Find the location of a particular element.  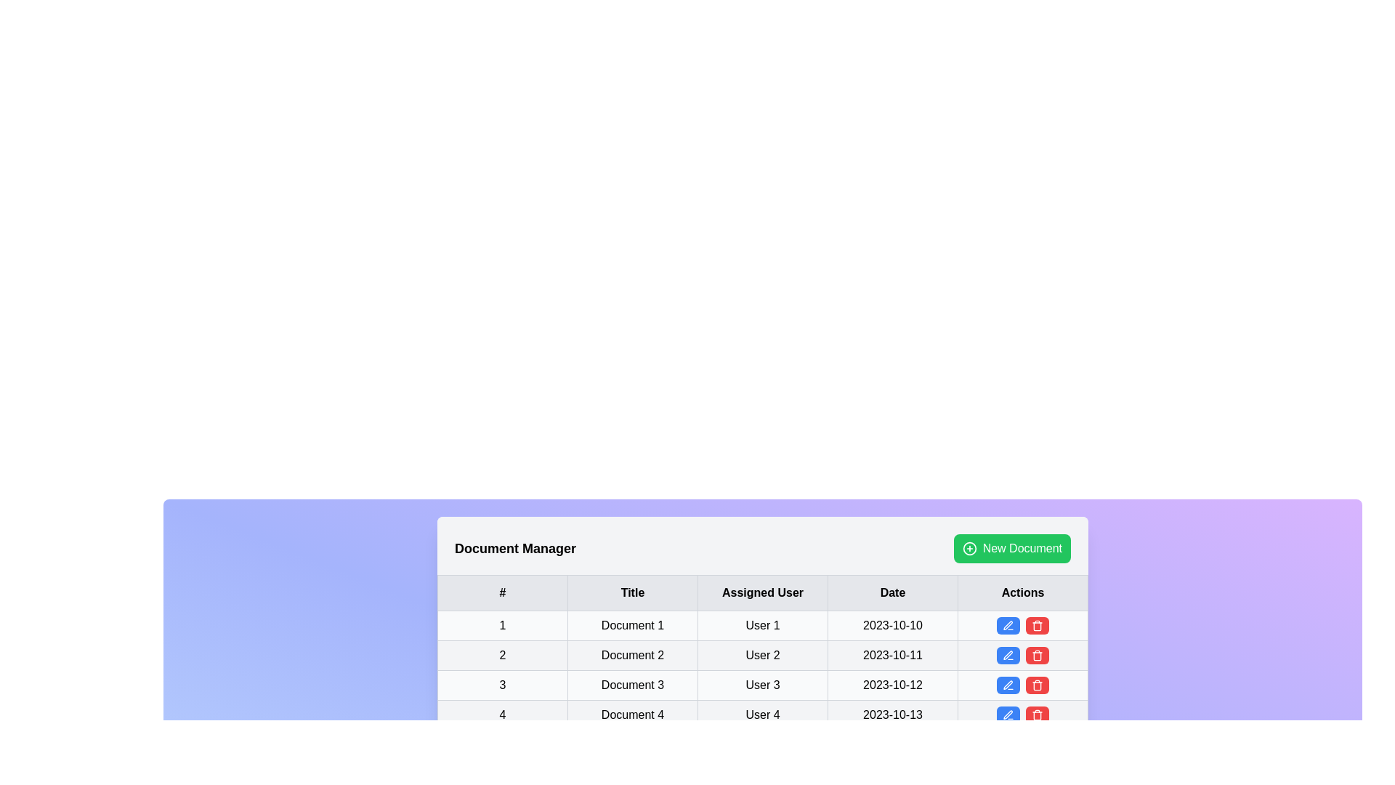

the 'Assigned User' header cell in the table to sort the column is located at coordinates (762, 593).